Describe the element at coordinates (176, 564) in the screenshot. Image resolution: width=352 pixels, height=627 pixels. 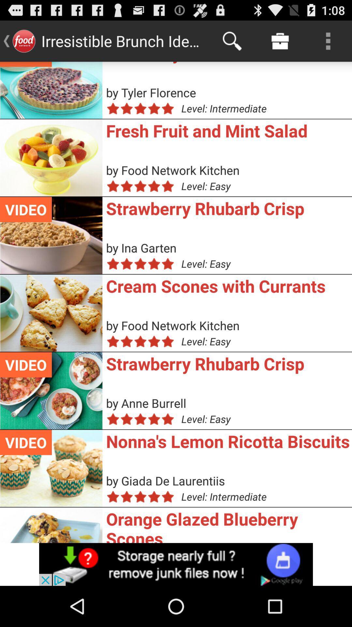
I see `advertisement` at that location.